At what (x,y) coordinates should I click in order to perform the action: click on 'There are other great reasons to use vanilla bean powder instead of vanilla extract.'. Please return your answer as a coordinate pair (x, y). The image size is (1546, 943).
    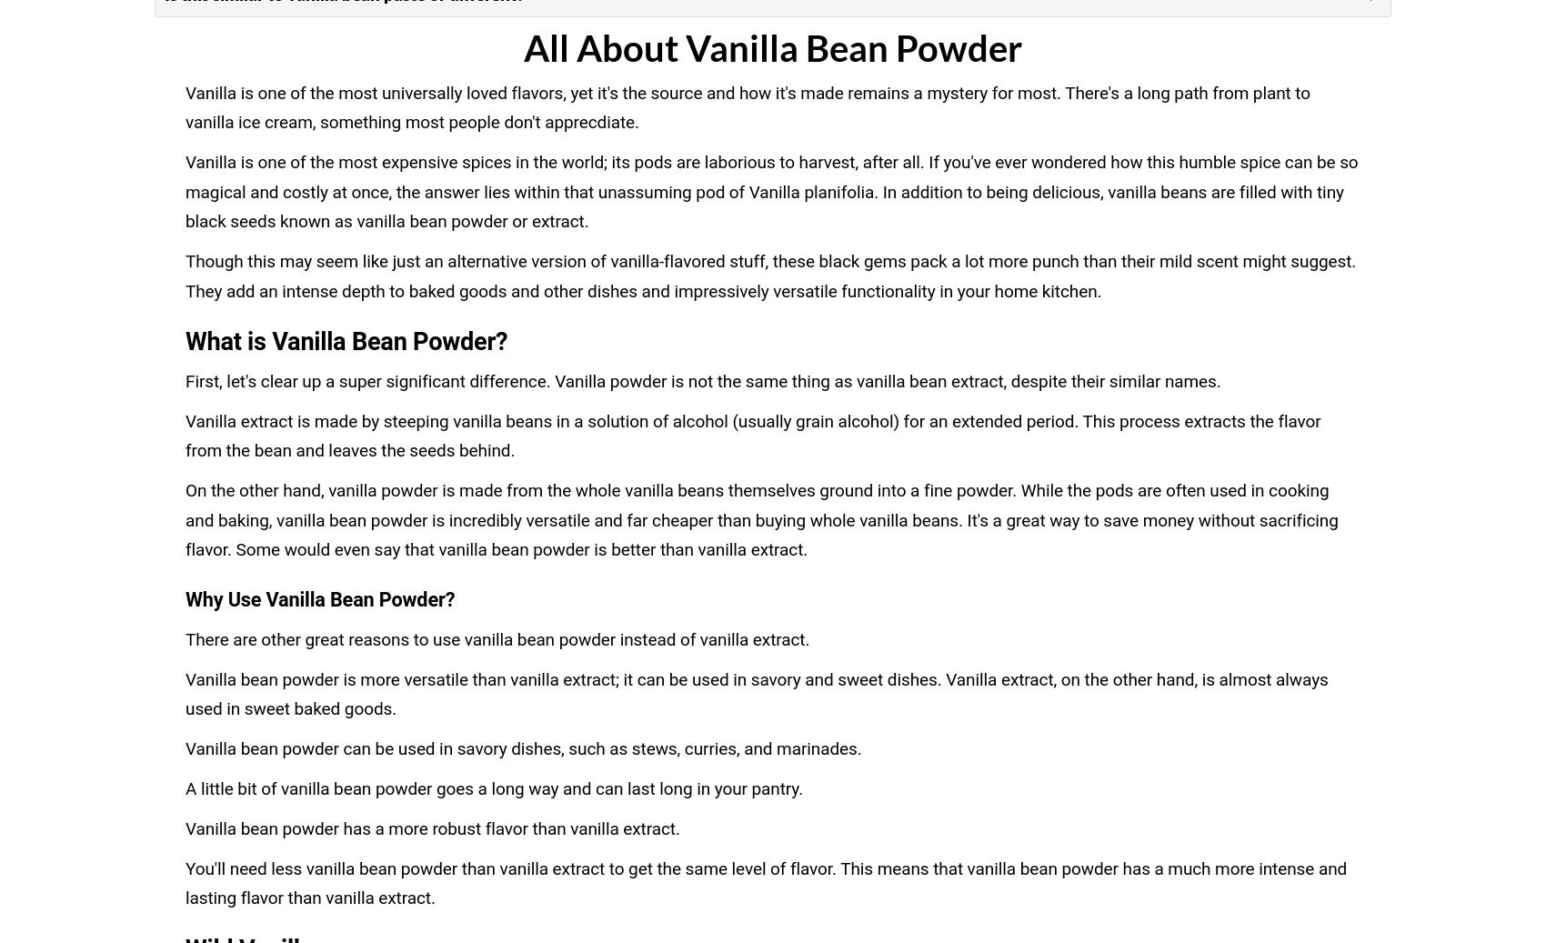
    Looking at the image, I should click on (497, 638).